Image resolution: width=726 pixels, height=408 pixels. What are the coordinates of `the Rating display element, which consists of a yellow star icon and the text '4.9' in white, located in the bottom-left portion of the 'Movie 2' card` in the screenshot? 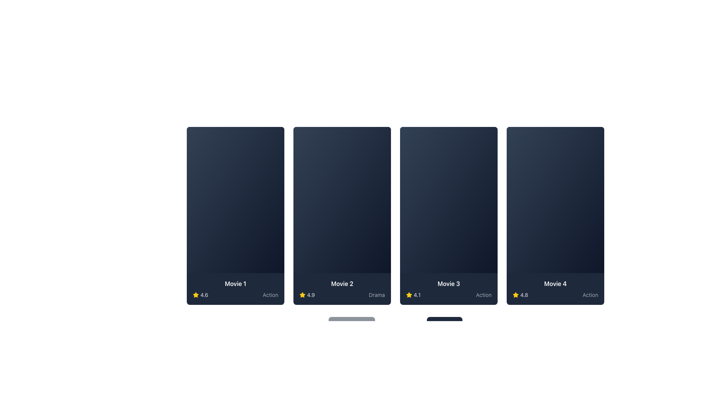 It's located at (307, 294).